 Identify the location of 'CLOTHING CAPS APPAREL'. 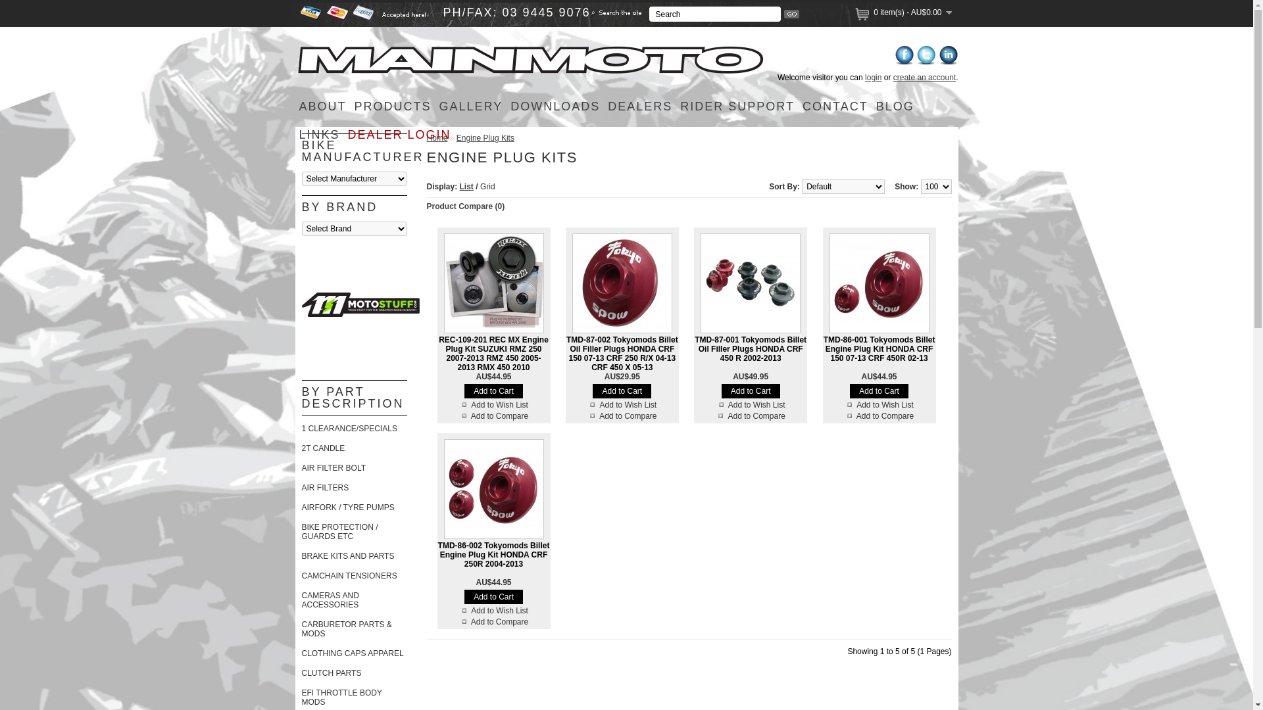
(300, 653).